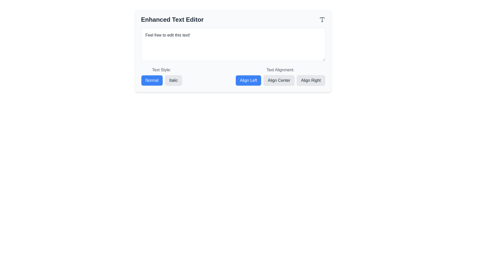  I want to click on the 'Align Center' button, which is the second button in the 'Text Alignment' section, to center the text alignment, so click(279, 80).